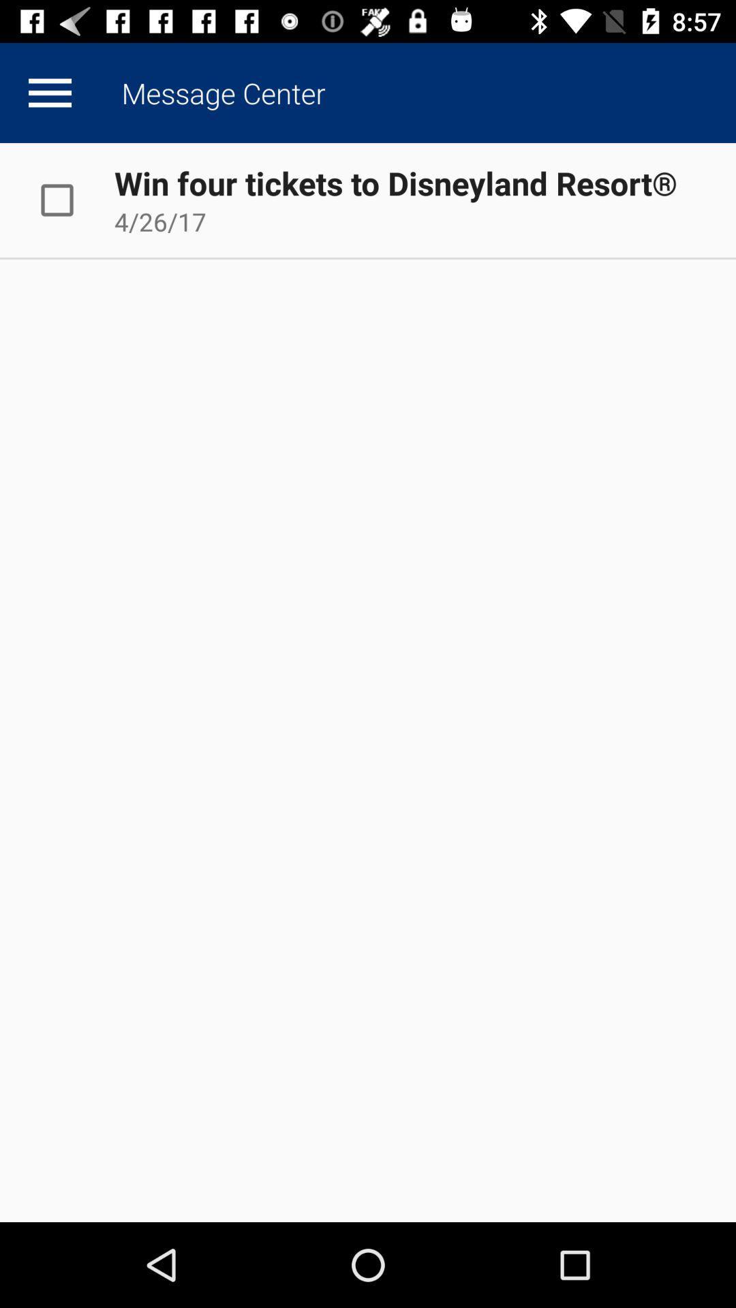  I want to click on the 4/26/17 icon, so click(159, 221).